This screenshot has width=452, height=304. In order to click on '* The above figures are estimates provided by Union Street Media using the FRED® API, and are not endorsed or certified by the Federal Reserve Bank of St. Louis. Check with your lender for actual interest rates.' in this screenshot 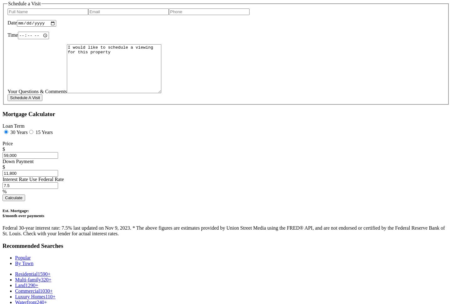, I will do `click(223, 230)`.